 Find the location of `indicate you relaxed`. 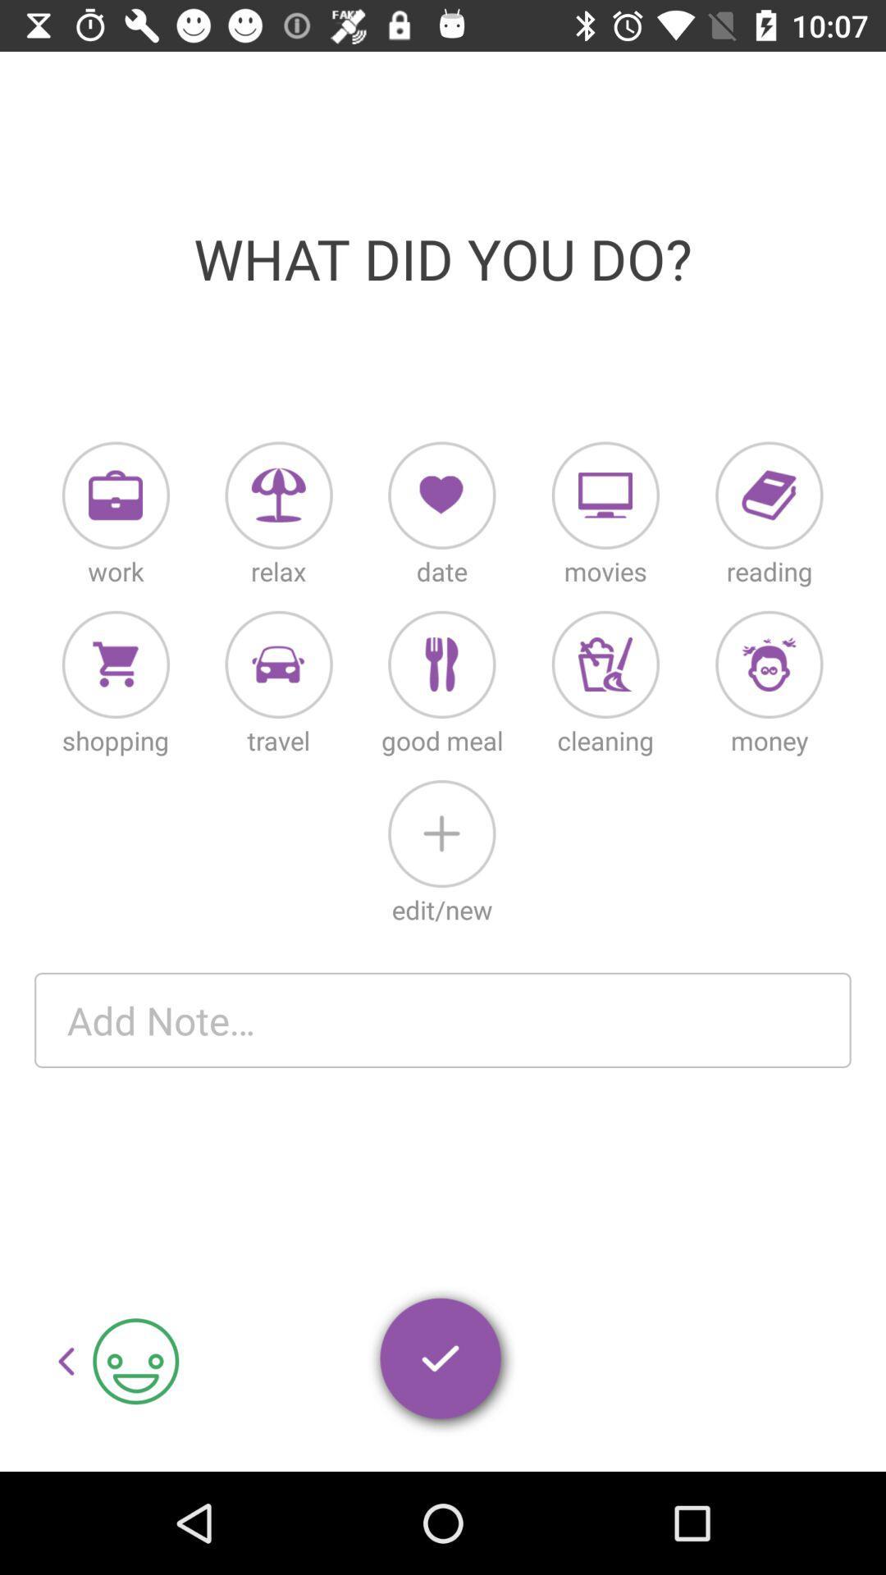

indicate you relaxed is located at coordinates (278, 495).